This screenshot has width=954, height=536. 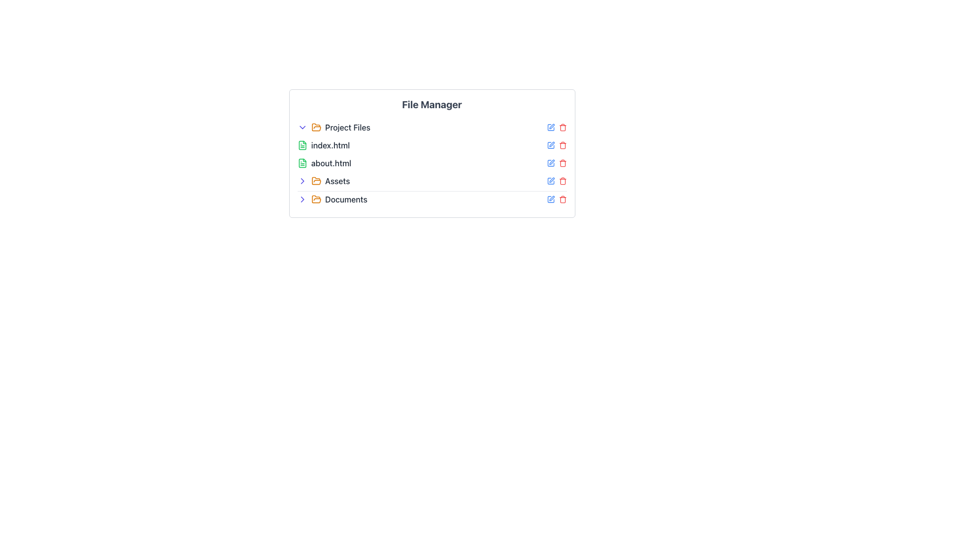 What do you see at coordinates (302, 145) in the screenshot?
I see `the visual indicator icon for the text file entry labeled 'index.html'` at bounding box center [302, 145].